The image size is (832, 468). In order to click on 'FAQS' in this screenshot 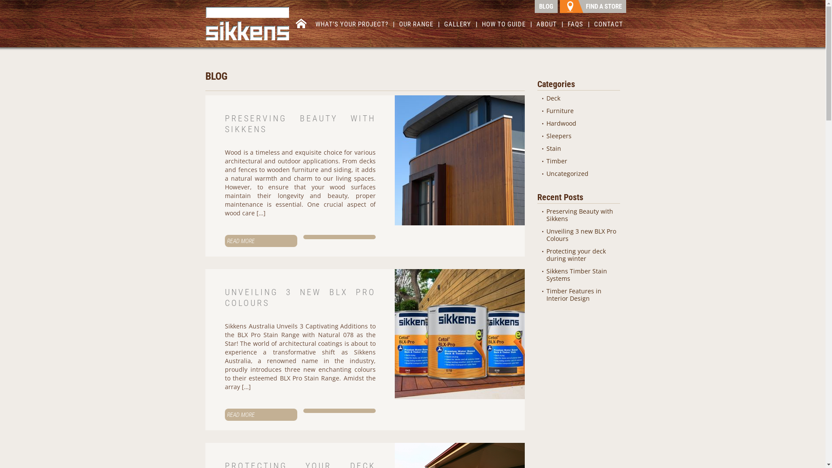, I will do `click(575, 26)`.